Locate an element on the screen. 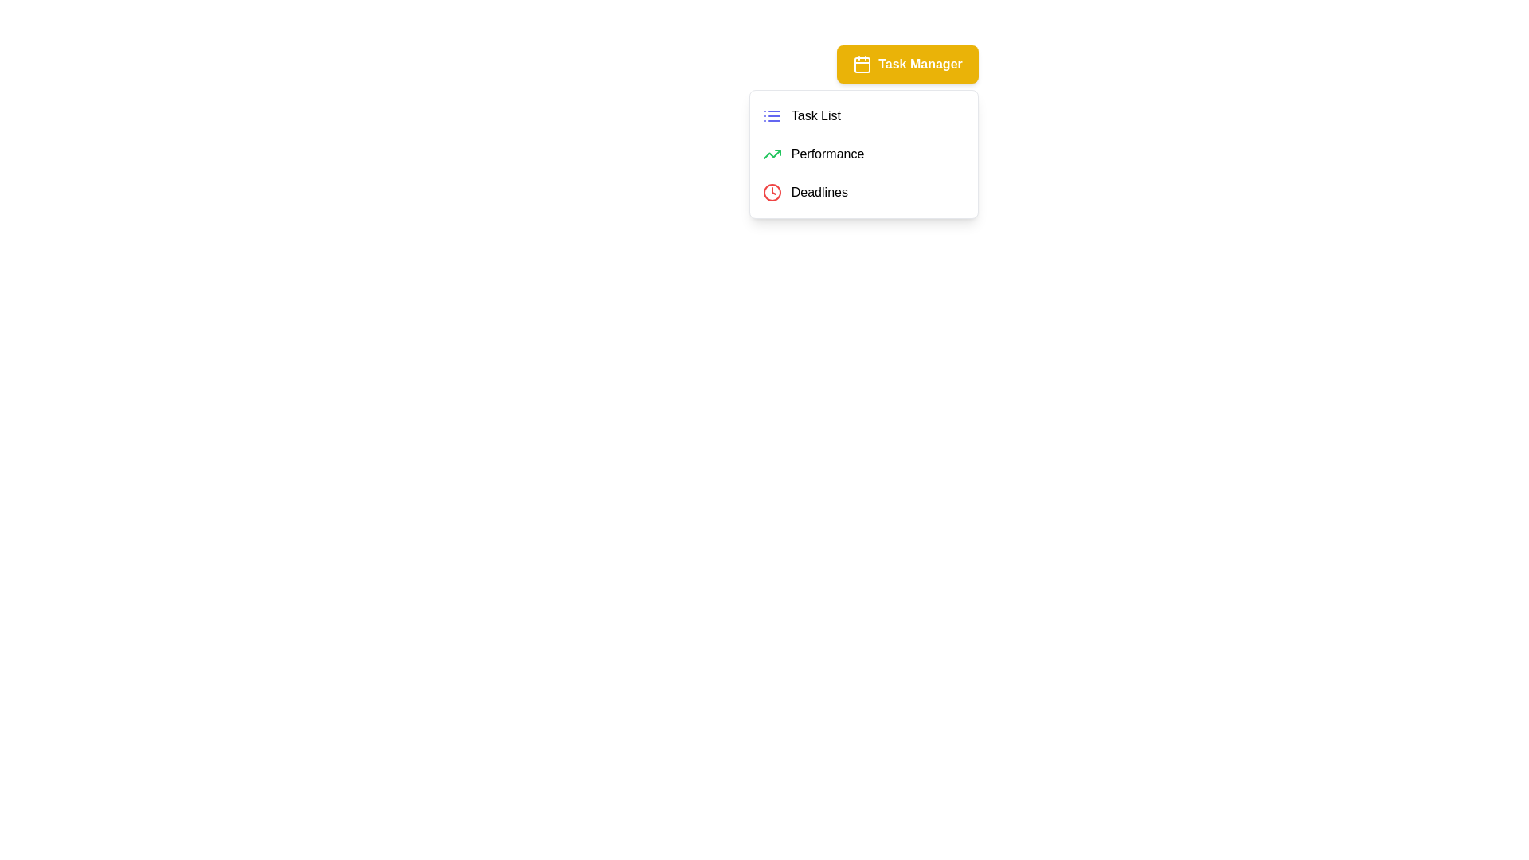 Image resolution: width=1529 pixels, height=860 pixels. the Deadlines icon in the Task Management Menu is located at coordinates (772, 192).